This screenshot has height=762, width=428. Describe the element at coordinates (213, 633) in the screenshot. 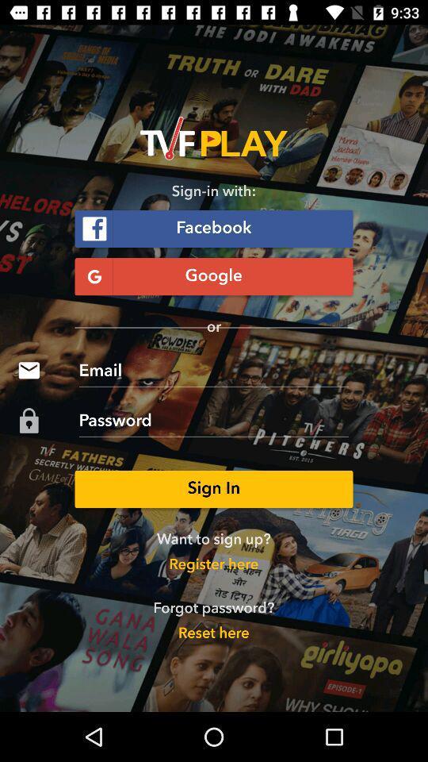

I see `the reset here item` at that location.